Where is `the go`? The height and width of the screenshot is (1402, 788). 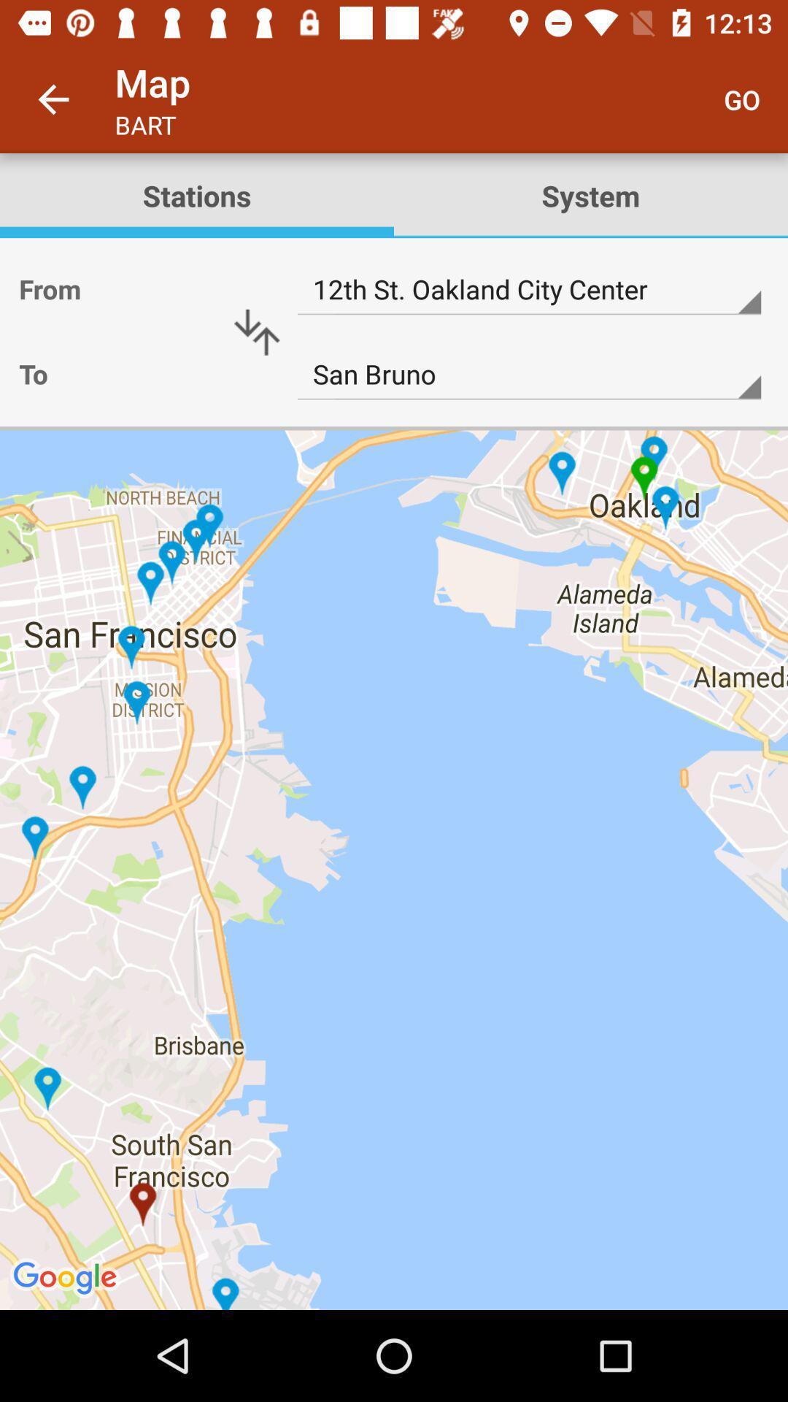 the go is located at coordinates (742, 99).